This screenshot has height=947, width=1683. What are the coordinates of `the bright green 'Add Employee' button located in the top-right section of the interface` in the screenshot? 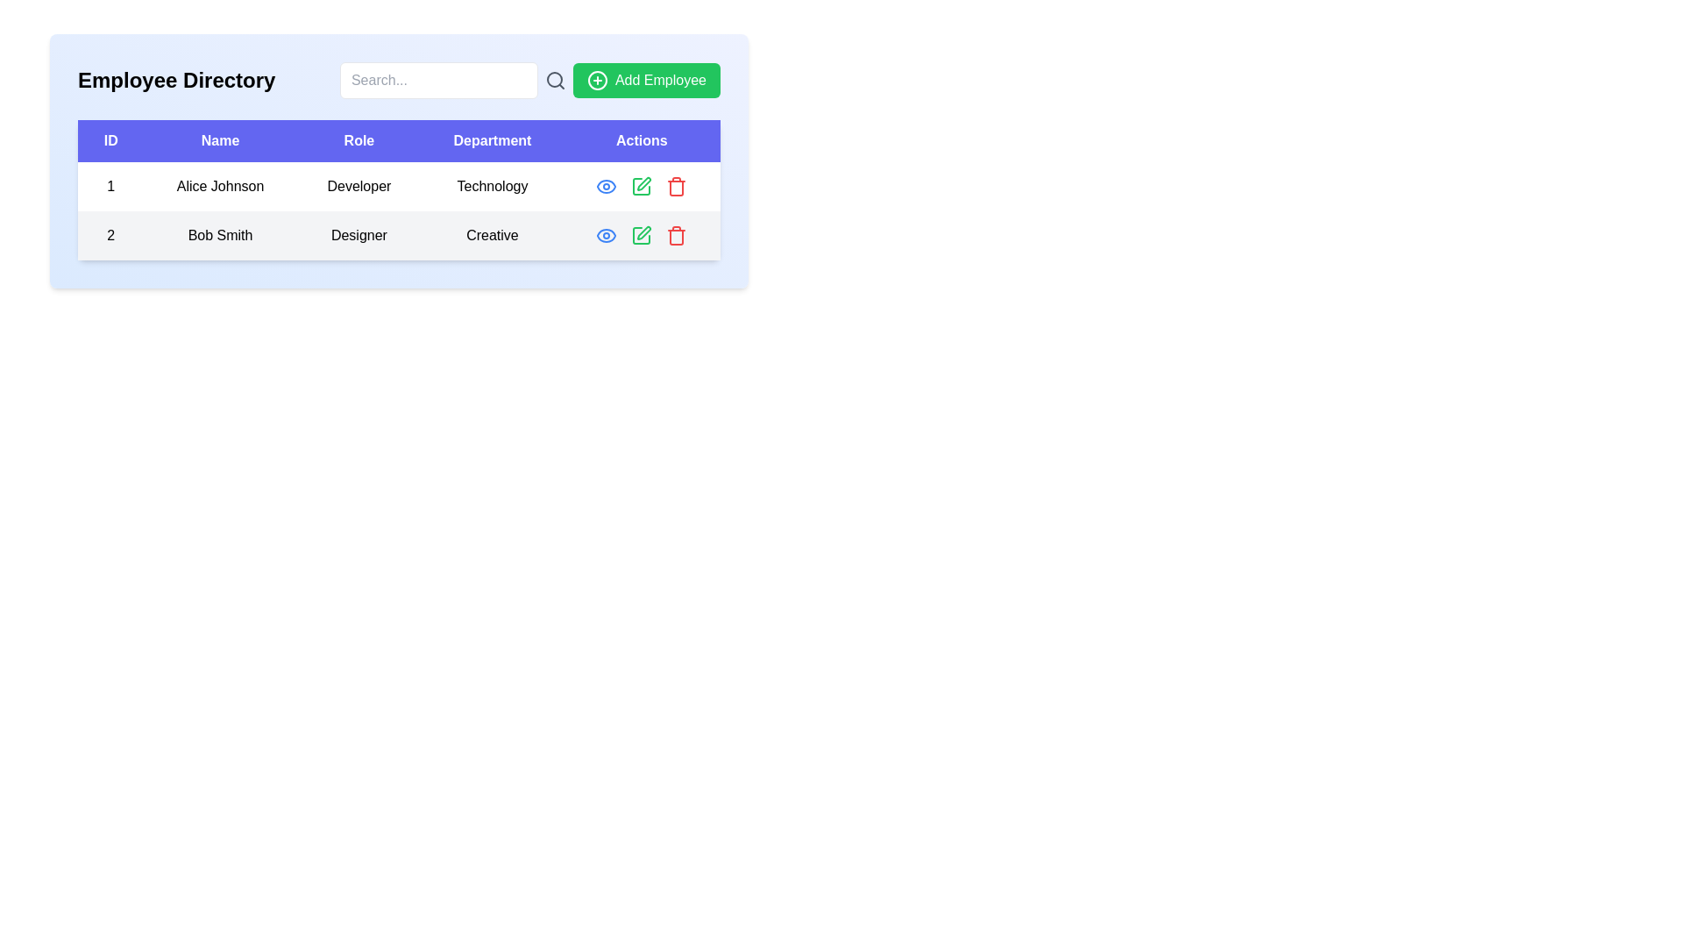 It's located at (646, 81).